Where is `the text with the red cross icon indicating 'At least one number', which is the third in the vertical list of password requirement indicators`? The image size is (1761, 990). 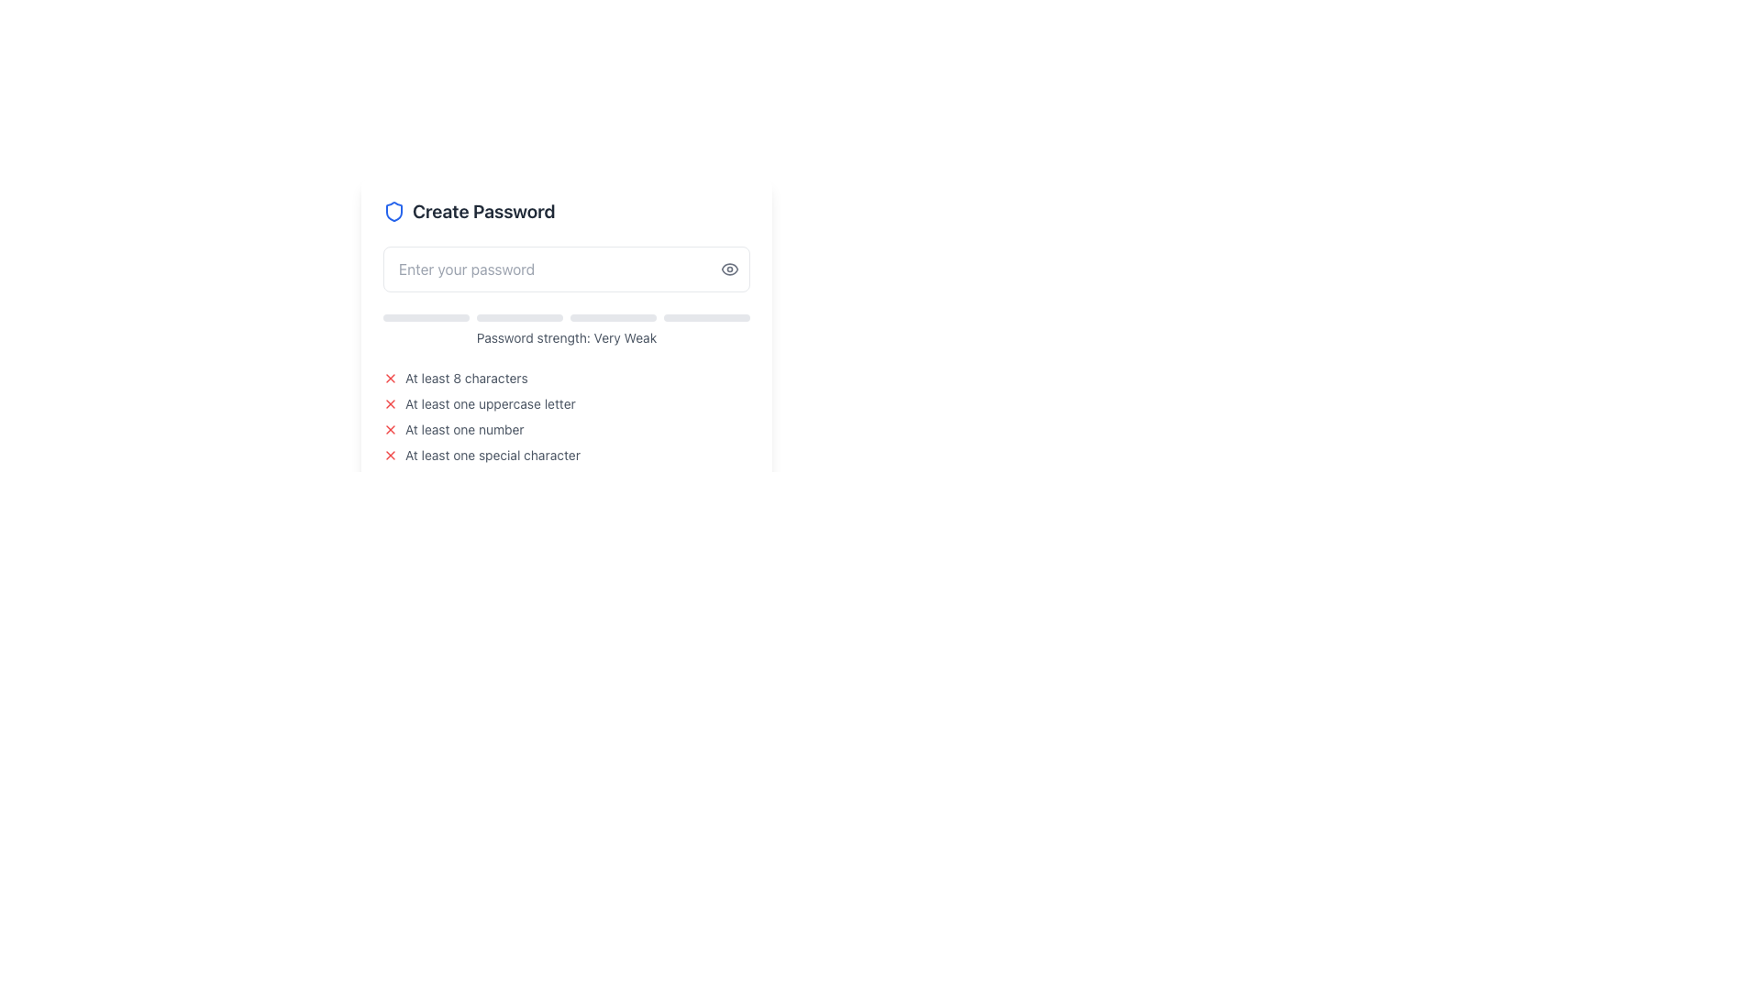 the text with the red cross icon indicating 'At least one number', which is the third in the vertical list of password requirement indicators is located at coordinates (566, 430).